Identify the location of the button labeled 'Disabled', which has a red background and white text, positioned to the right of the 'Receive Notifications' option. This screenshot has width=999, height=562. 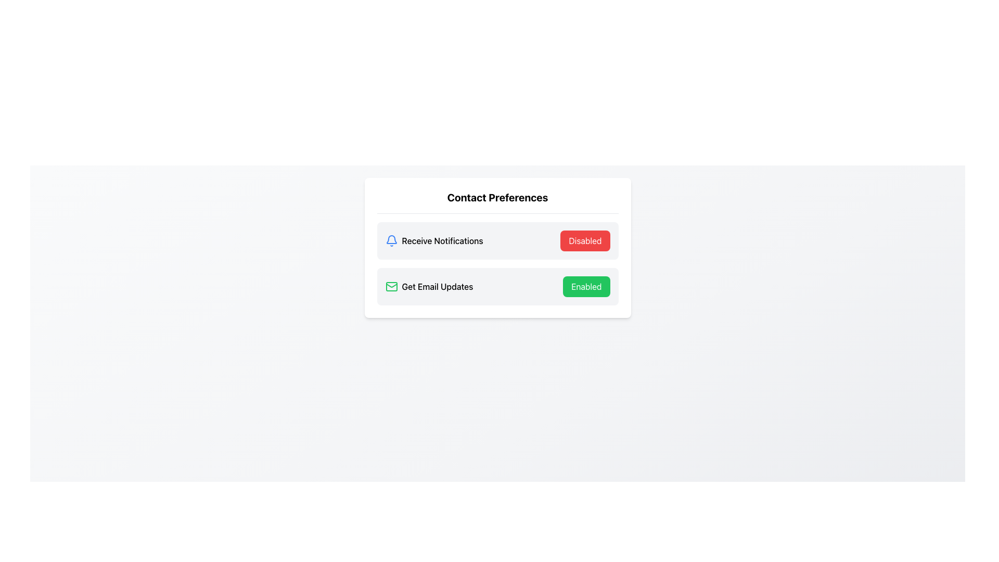
(585, 240).